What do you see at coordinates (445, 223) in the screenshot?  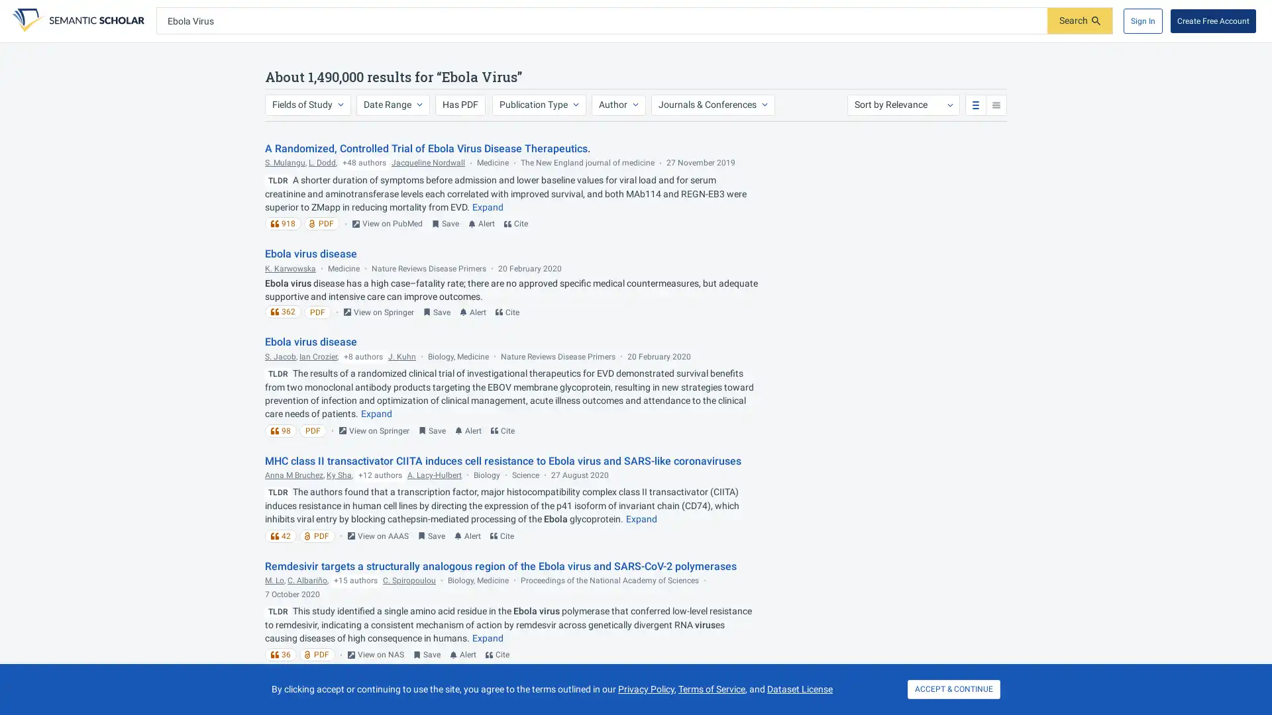 I see `Save to Library` at bounding box center [445, 223].